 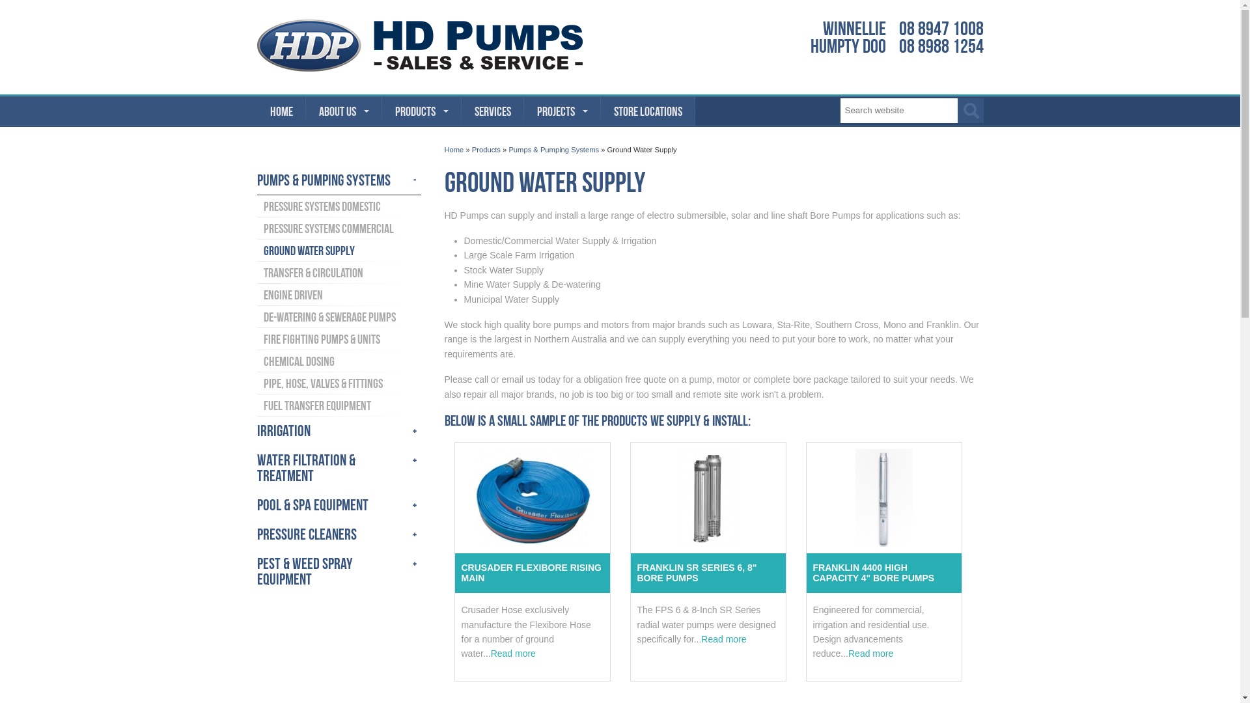 I want to click on 'PRODUCTS', so click(x=421, y=110).